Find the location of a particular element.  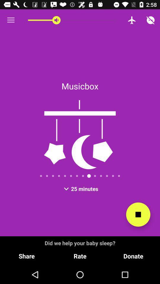

stop button is located at coordinates (138, 214).